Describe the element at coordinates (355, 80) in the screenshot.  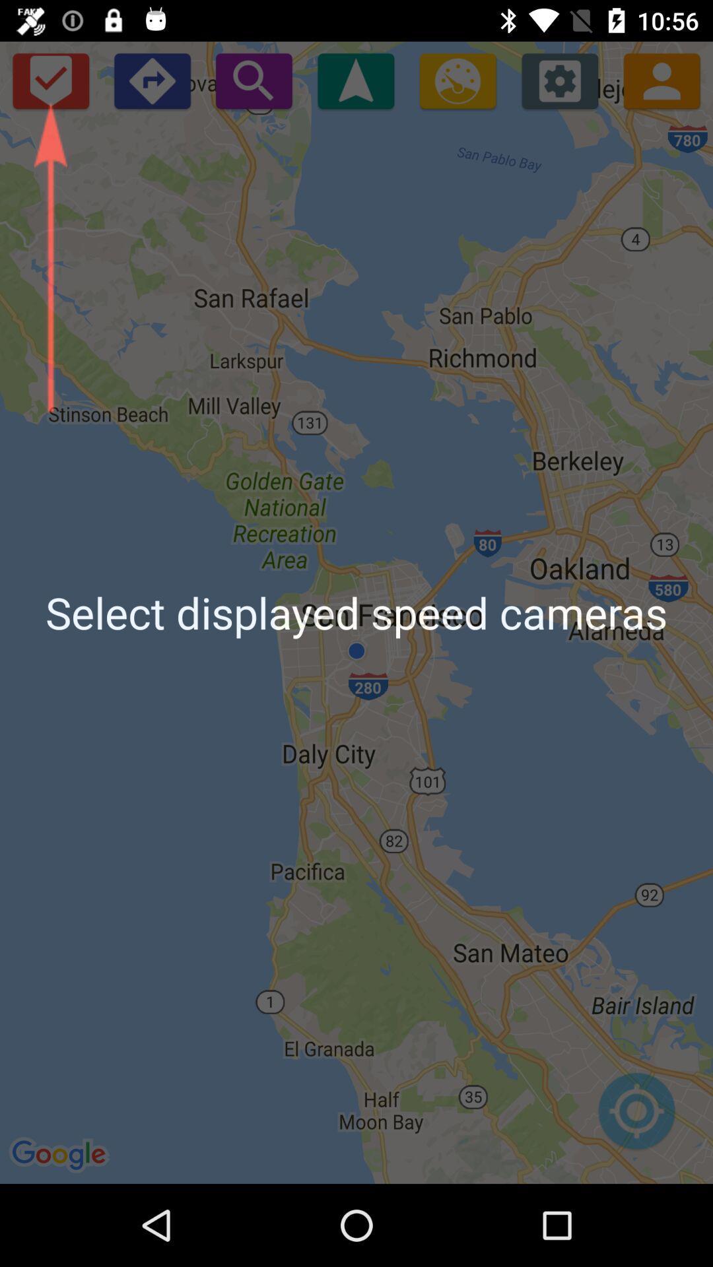
I see `displayed speed cameras` at that location.